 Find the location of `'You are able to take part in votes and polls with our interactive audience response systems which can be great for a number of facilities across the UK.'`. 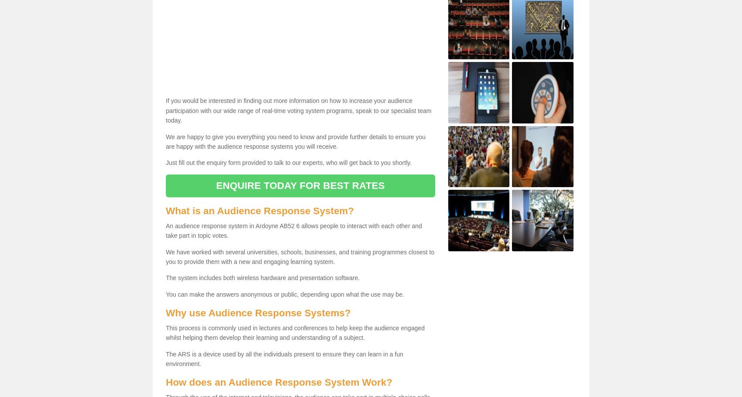

'You are able to take part in votes and polls with our interactive audience response systems which can be great for a number of facilities across the UK.' is located at coordinates (169, 233).